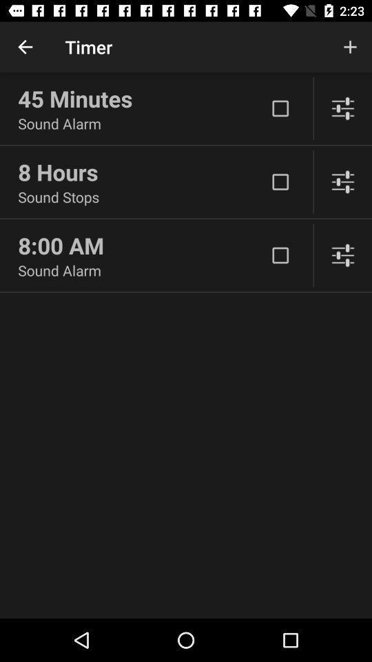 Image resolution: width=372 pixels, height=662 pixels. Describe the element at coordinates (141, 245) in the screenshot. I see `icon below the sound stops item` at that location.